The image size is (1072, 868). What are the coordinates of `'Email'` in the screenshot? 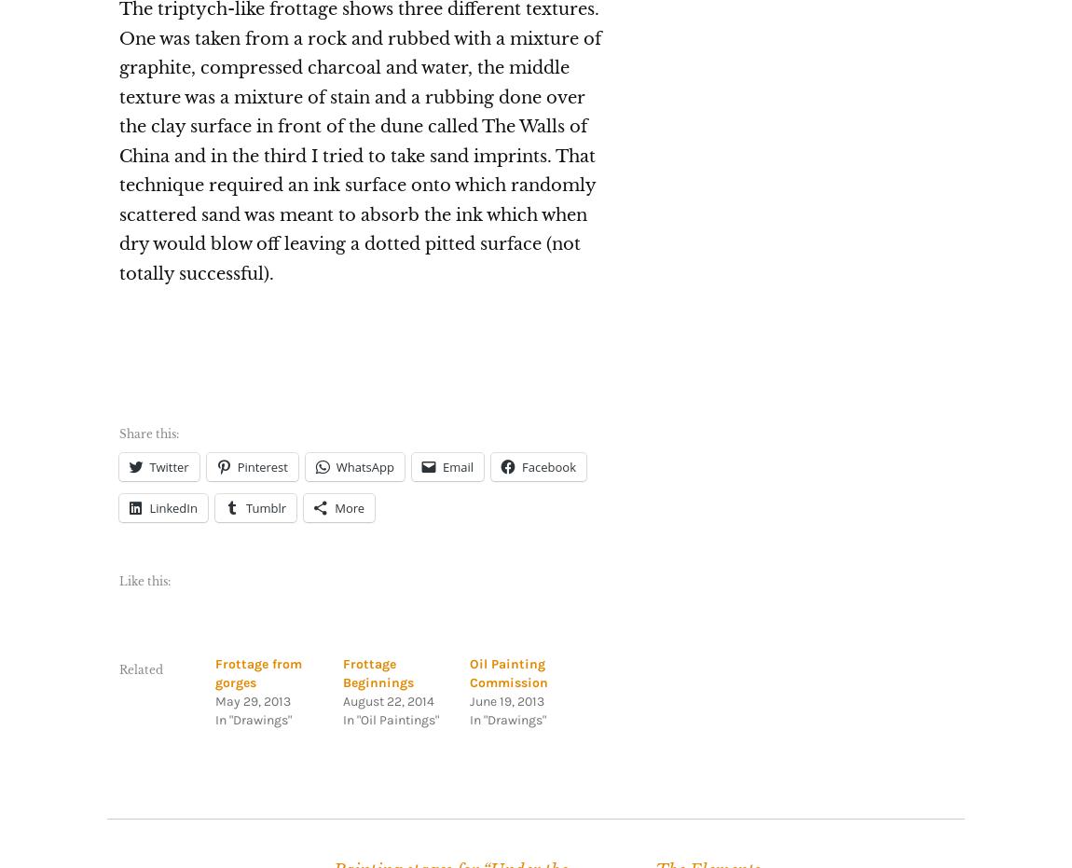 It's located at (458, 466).